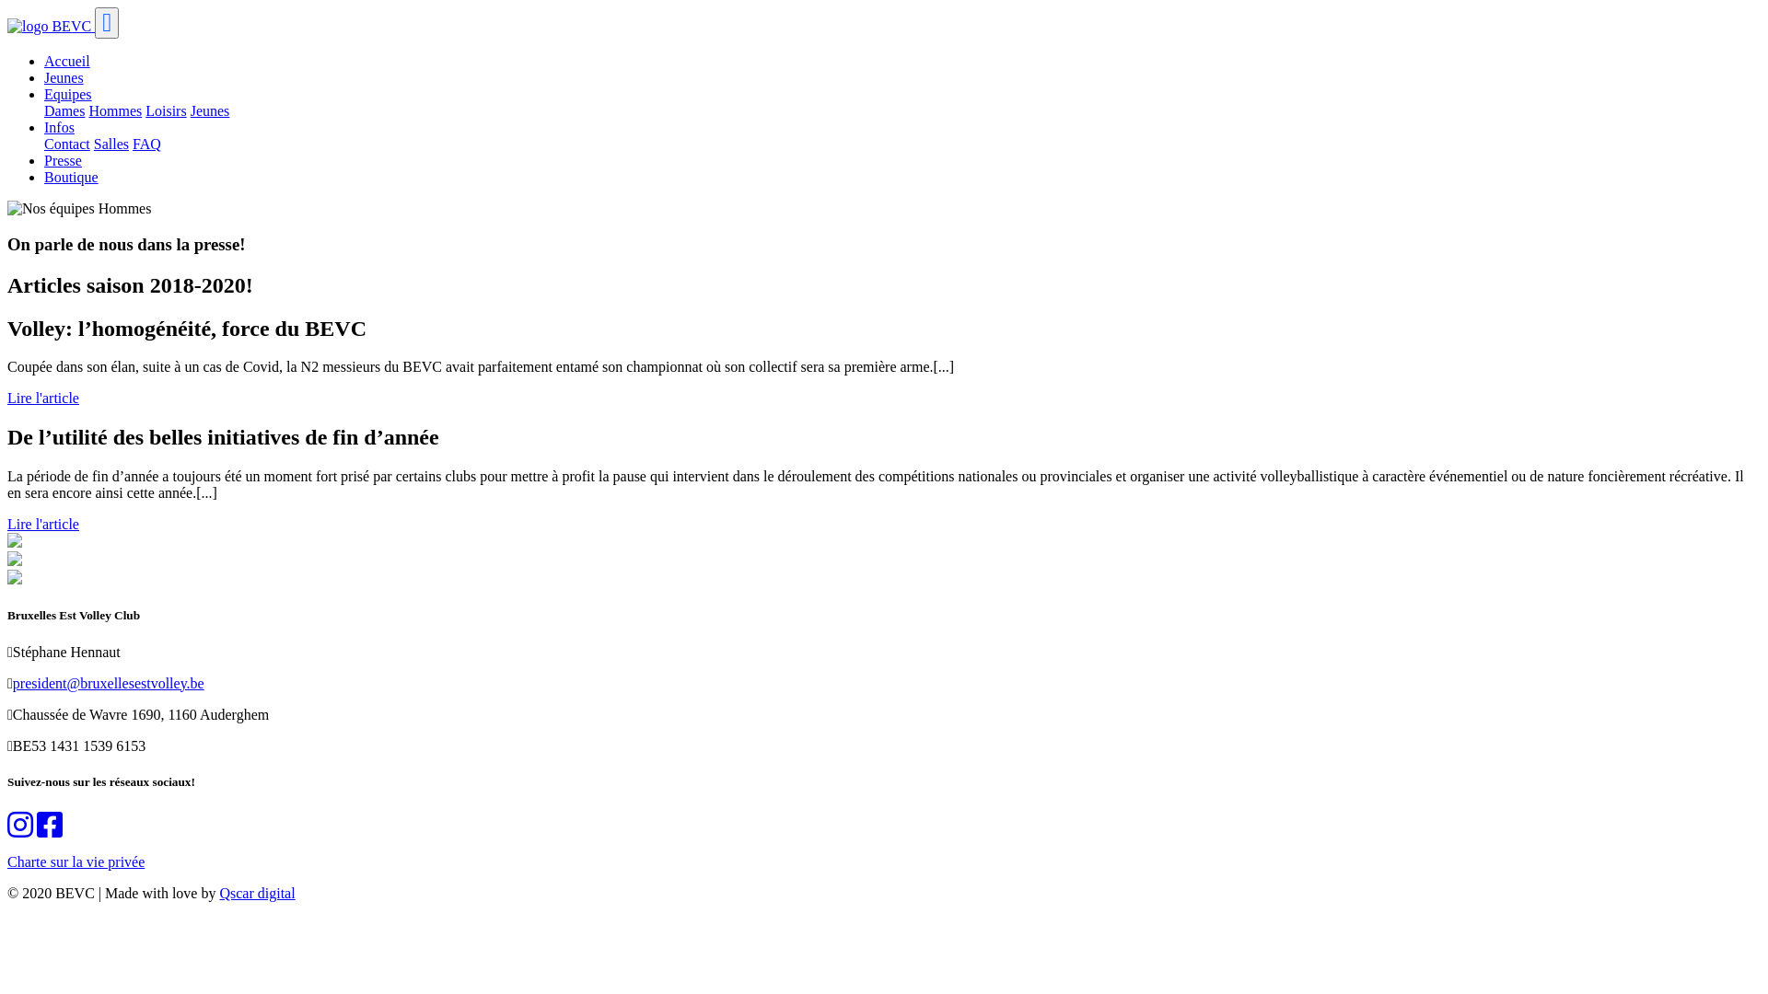  What do you see at coordinates (67, 94) in the screenshot?
I see `'Equipes'` at bounding box center [67, 94].